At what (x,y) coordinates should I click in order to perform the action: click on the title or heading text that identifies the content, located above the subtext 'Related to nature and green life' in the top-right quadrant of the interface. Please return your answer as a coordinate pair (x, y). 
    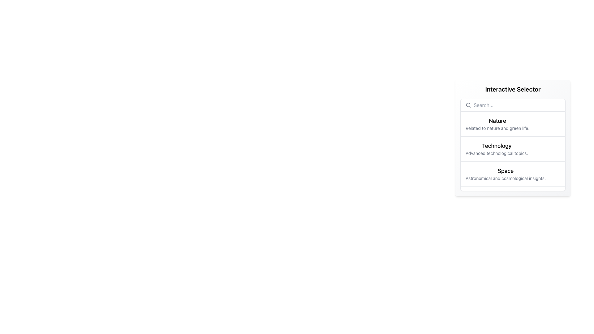
    Looking at the image, I should click on (497, 121).